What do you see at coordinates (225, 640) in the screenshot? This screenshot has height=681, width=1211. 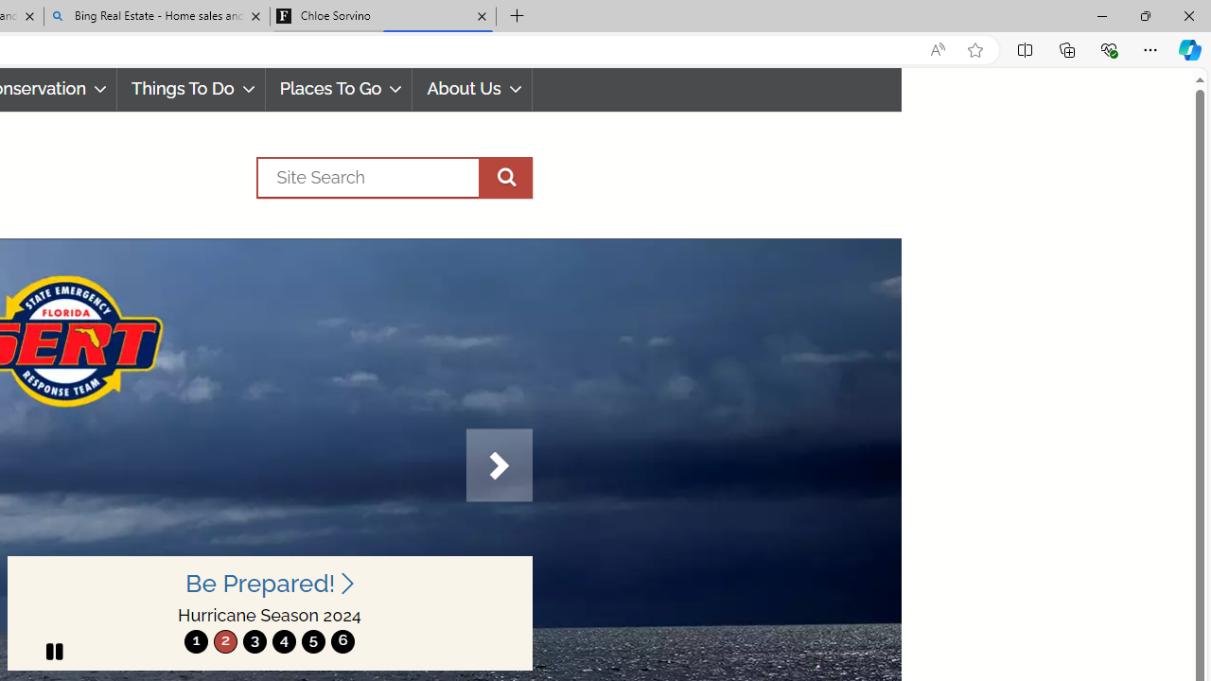 I see `'move to slide 2'` at bounding box center [225, 640].